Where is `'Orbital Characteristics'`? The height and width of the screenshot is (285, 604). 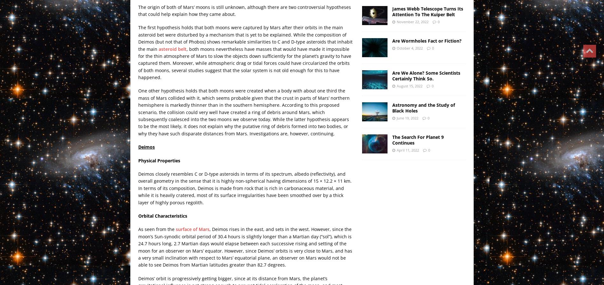 'Orbital Characteristics' is located at coordinates (163, 215).